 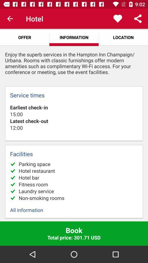 What do you see at coordinates (123, 37) in the screenshot?
I see `location app` at bounding box center [123, 37].